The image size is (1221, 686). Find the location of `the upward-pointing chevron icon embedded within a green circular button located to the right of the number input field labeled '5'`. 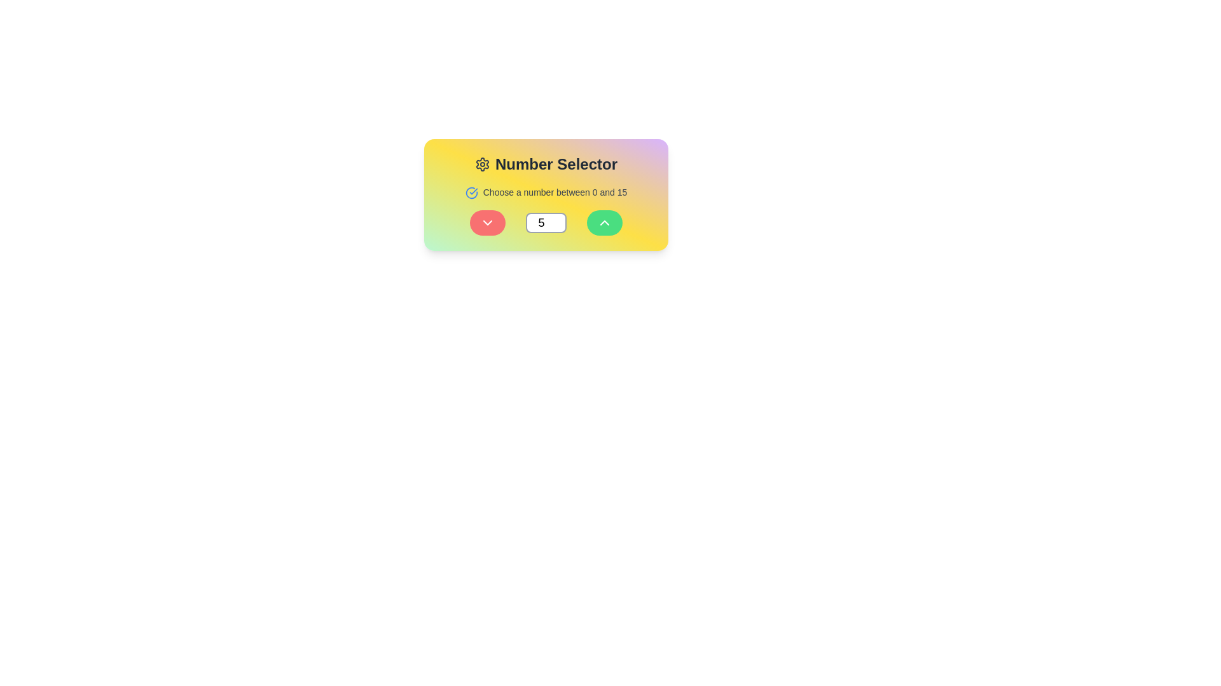

the upward-pointing chevron icon embedded within a green circular button located to the right of the number input field labeled '5' is located at coordinates (604, 222).